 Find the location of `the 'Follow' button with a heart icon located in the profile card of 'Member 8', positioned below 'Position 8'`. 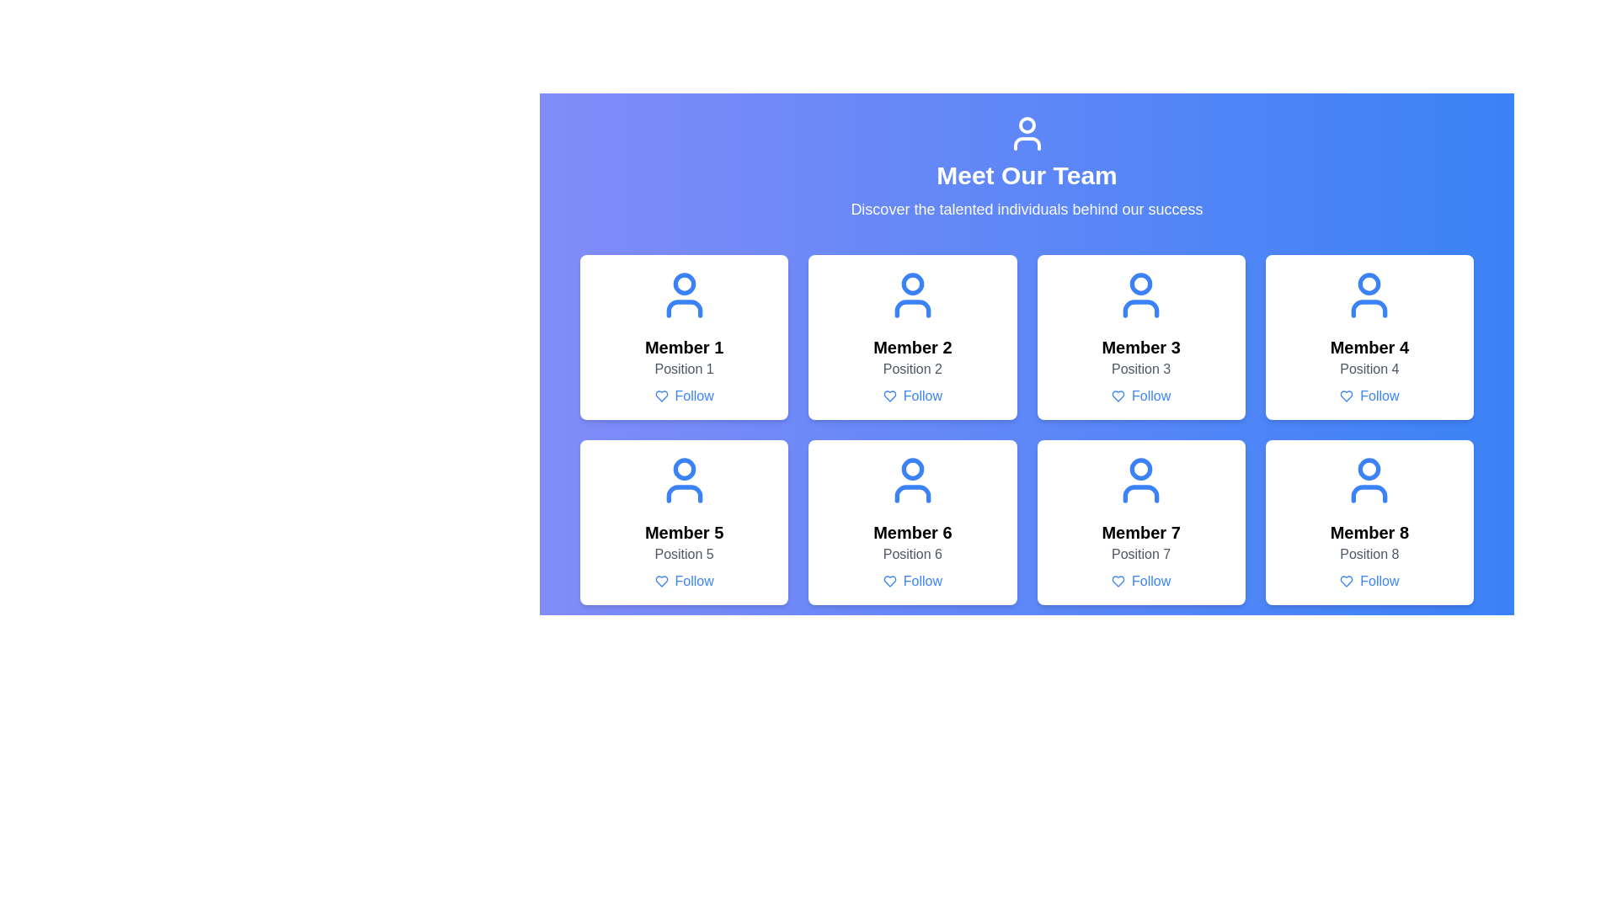

the 'Follow' button with a heart icon located in the profile card of 'Member 8', positioned below 'Position 8' is located at coordinates (1369, 580).